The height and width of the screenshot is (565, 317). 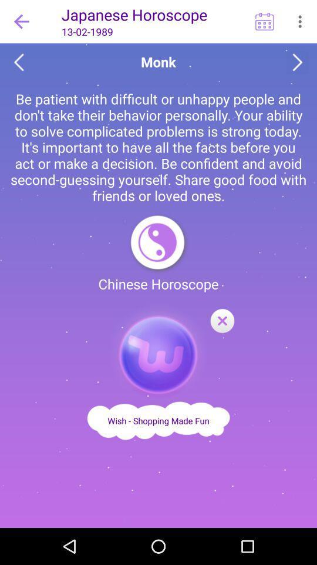 I want to click on previous, so click(x=18, y=62).